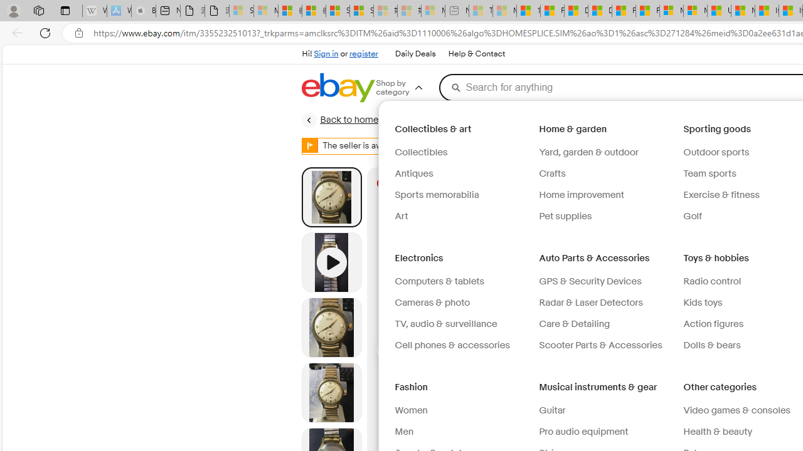  What do you see at coordinates (589, 281) in the screenshot?
I see `'GPS & Security Devices'` at bounding box center [589, 281].